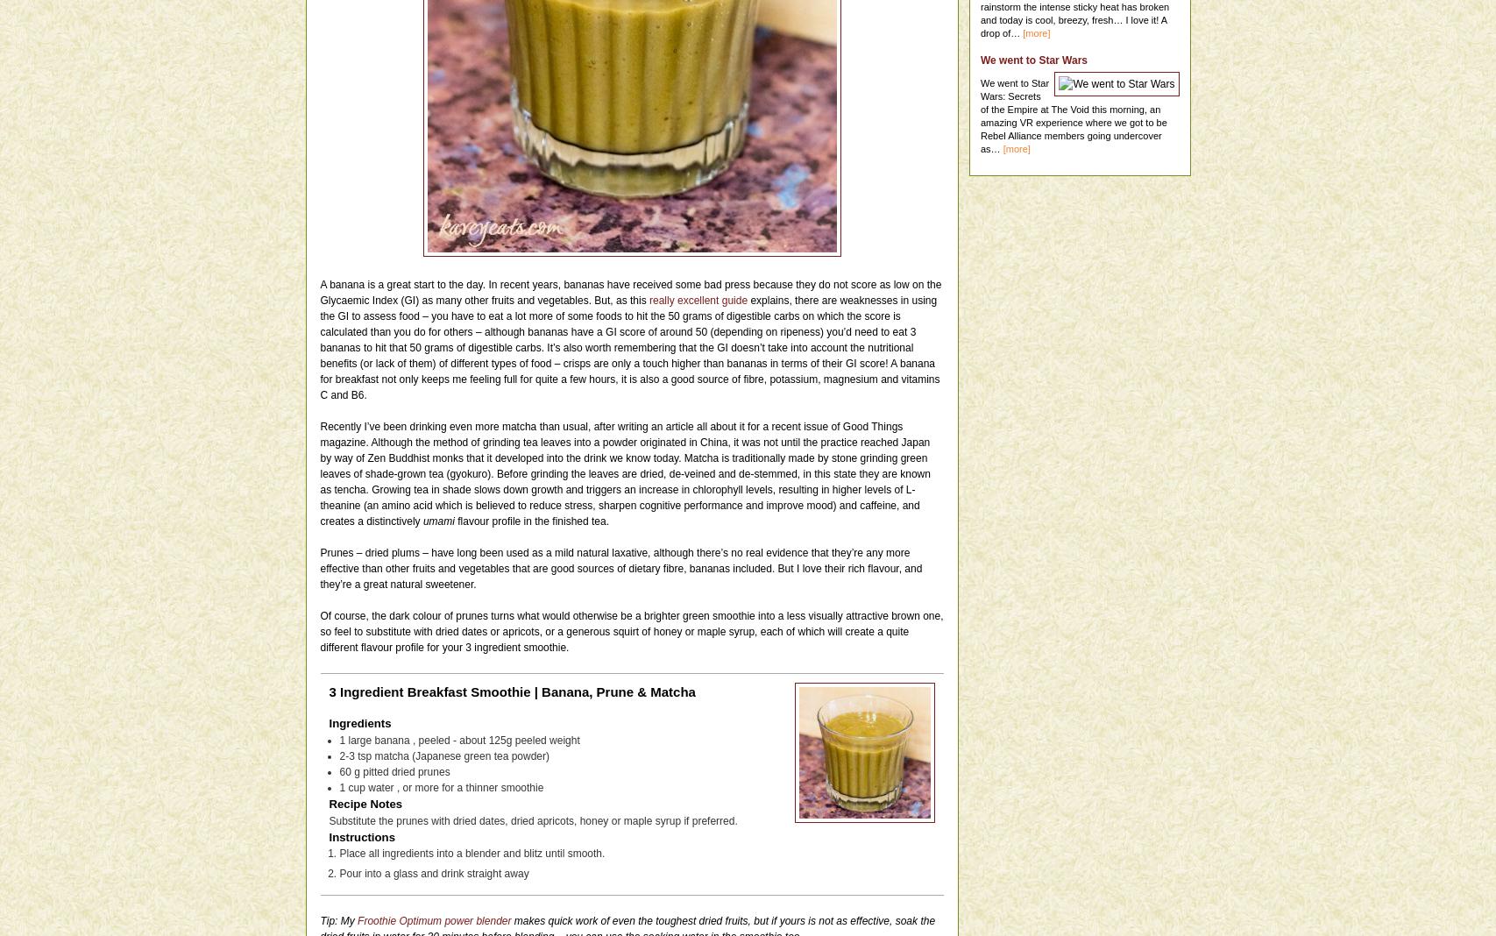 The width and height of the screenshot is (1496, 936). What do you see at coordinates (365, 802) in the screenshot?
I see `'Recipe Notes'` at bounding box center [365, 802].